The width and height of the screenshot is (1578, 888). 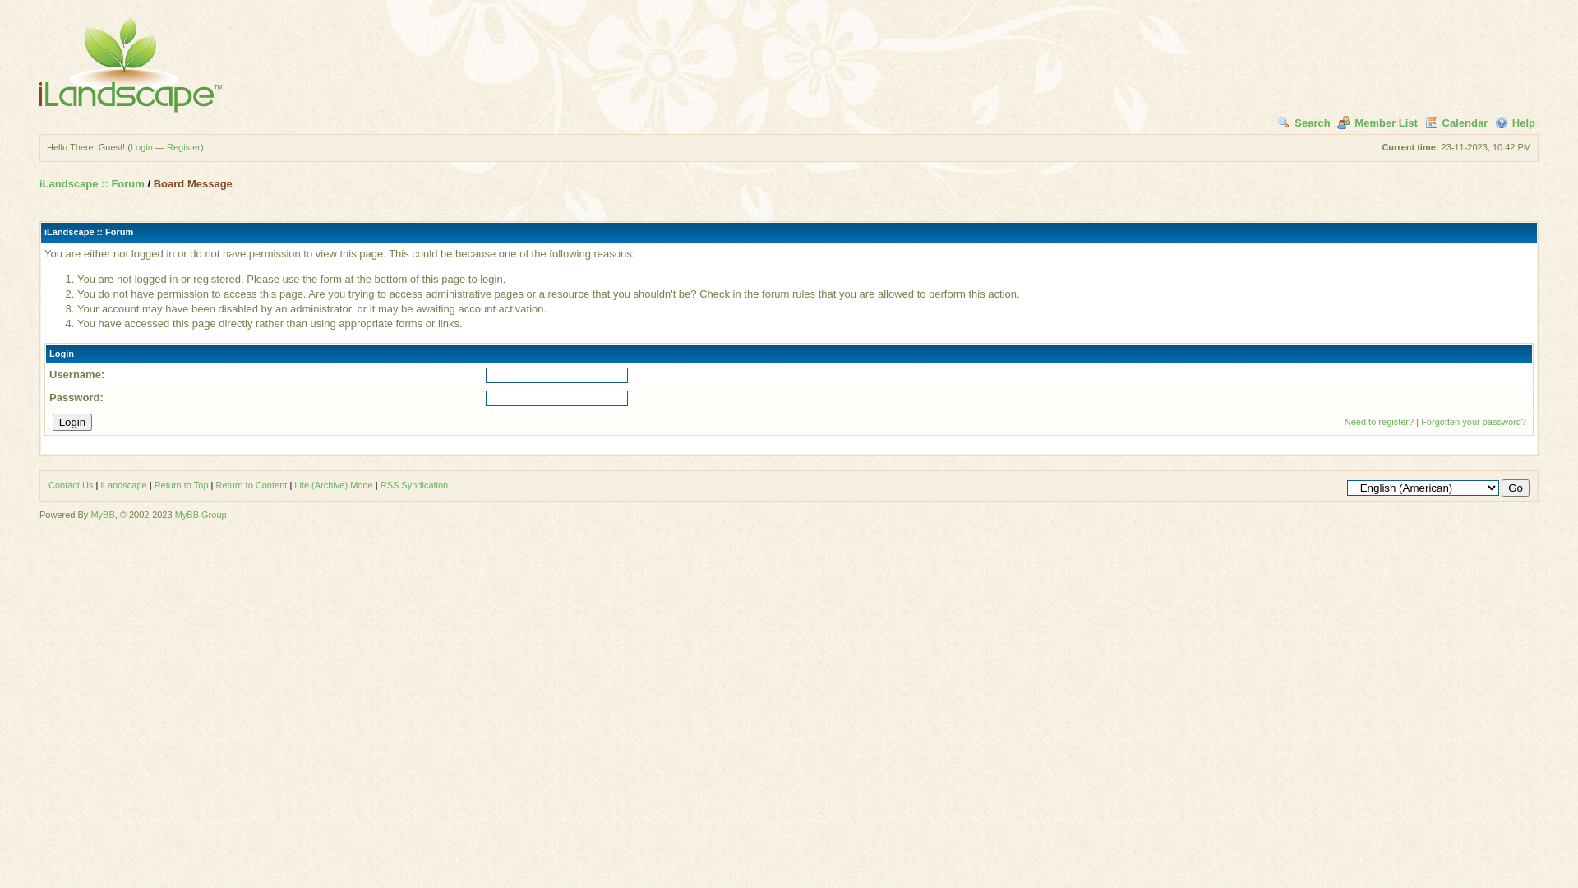 What do you see at coordinates (332, 484) in the screenshot?
I see `'Lite (Archive) Mode'` at bounding box center [332, 484].